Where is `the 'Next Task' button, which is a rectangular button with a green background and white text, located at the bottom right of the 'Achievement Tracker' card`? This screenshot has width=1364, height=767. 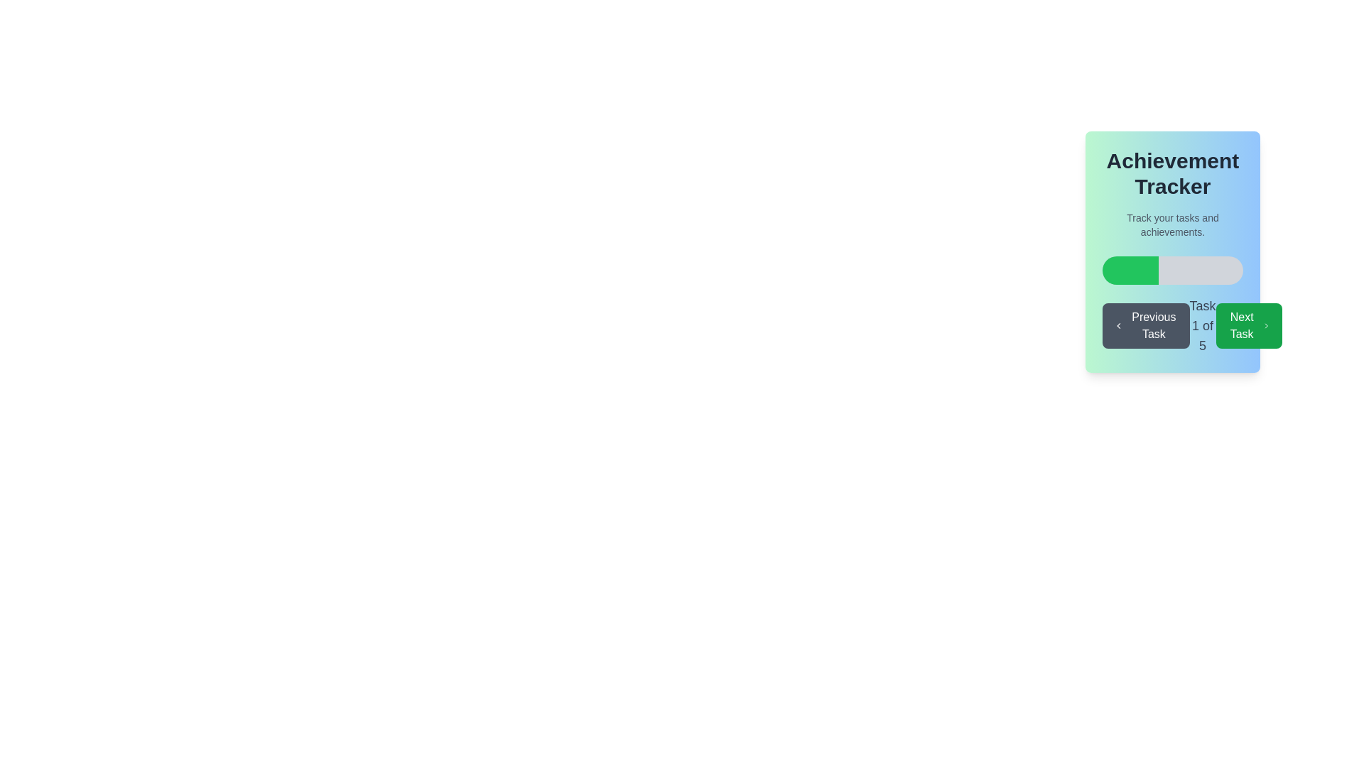 the 'Next Task' button, which is a rectangular button with a green background and white text, located at the bottom right of the 'Achievement Tracker' card is located at coordinates (1248, 326).